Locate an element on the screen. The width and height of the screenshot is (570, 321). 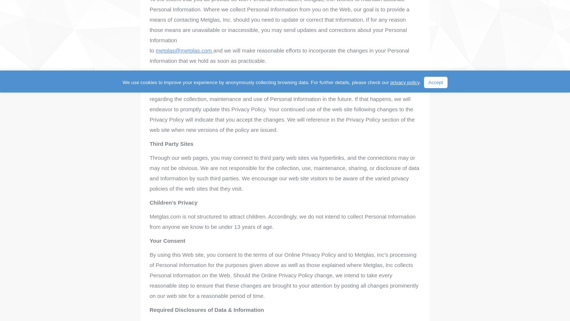
'Changes' is located at coordinates (161, 74).